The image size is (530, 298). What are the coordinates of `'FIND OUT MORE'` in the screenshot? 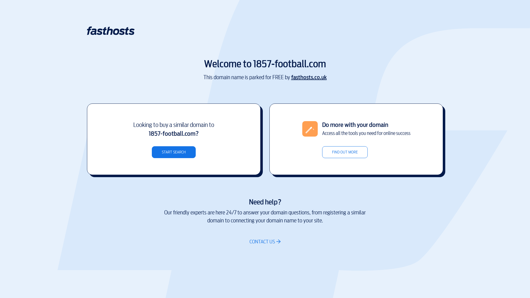 It's located at (322, 152).